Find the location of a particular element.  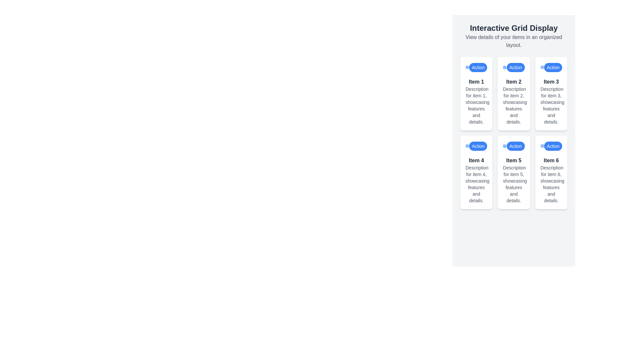

the 'Action' button located in the top-right corner of the third card in a grid layout to activate the hover effect is located at coordinates (553, 67).